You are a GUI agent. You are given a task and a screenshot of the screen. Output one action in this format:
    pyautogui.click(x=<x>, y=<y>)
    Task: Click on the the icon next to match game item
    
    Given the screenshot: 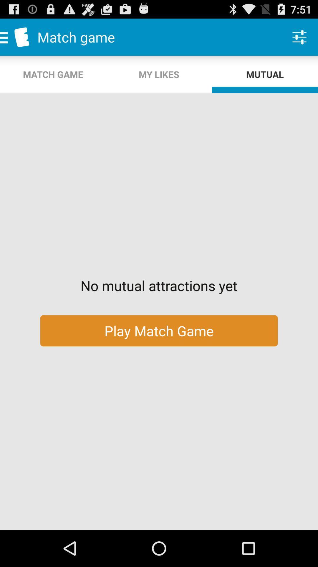 What is the action you would take?
    pyautogui.click(x=159, y=74)
    